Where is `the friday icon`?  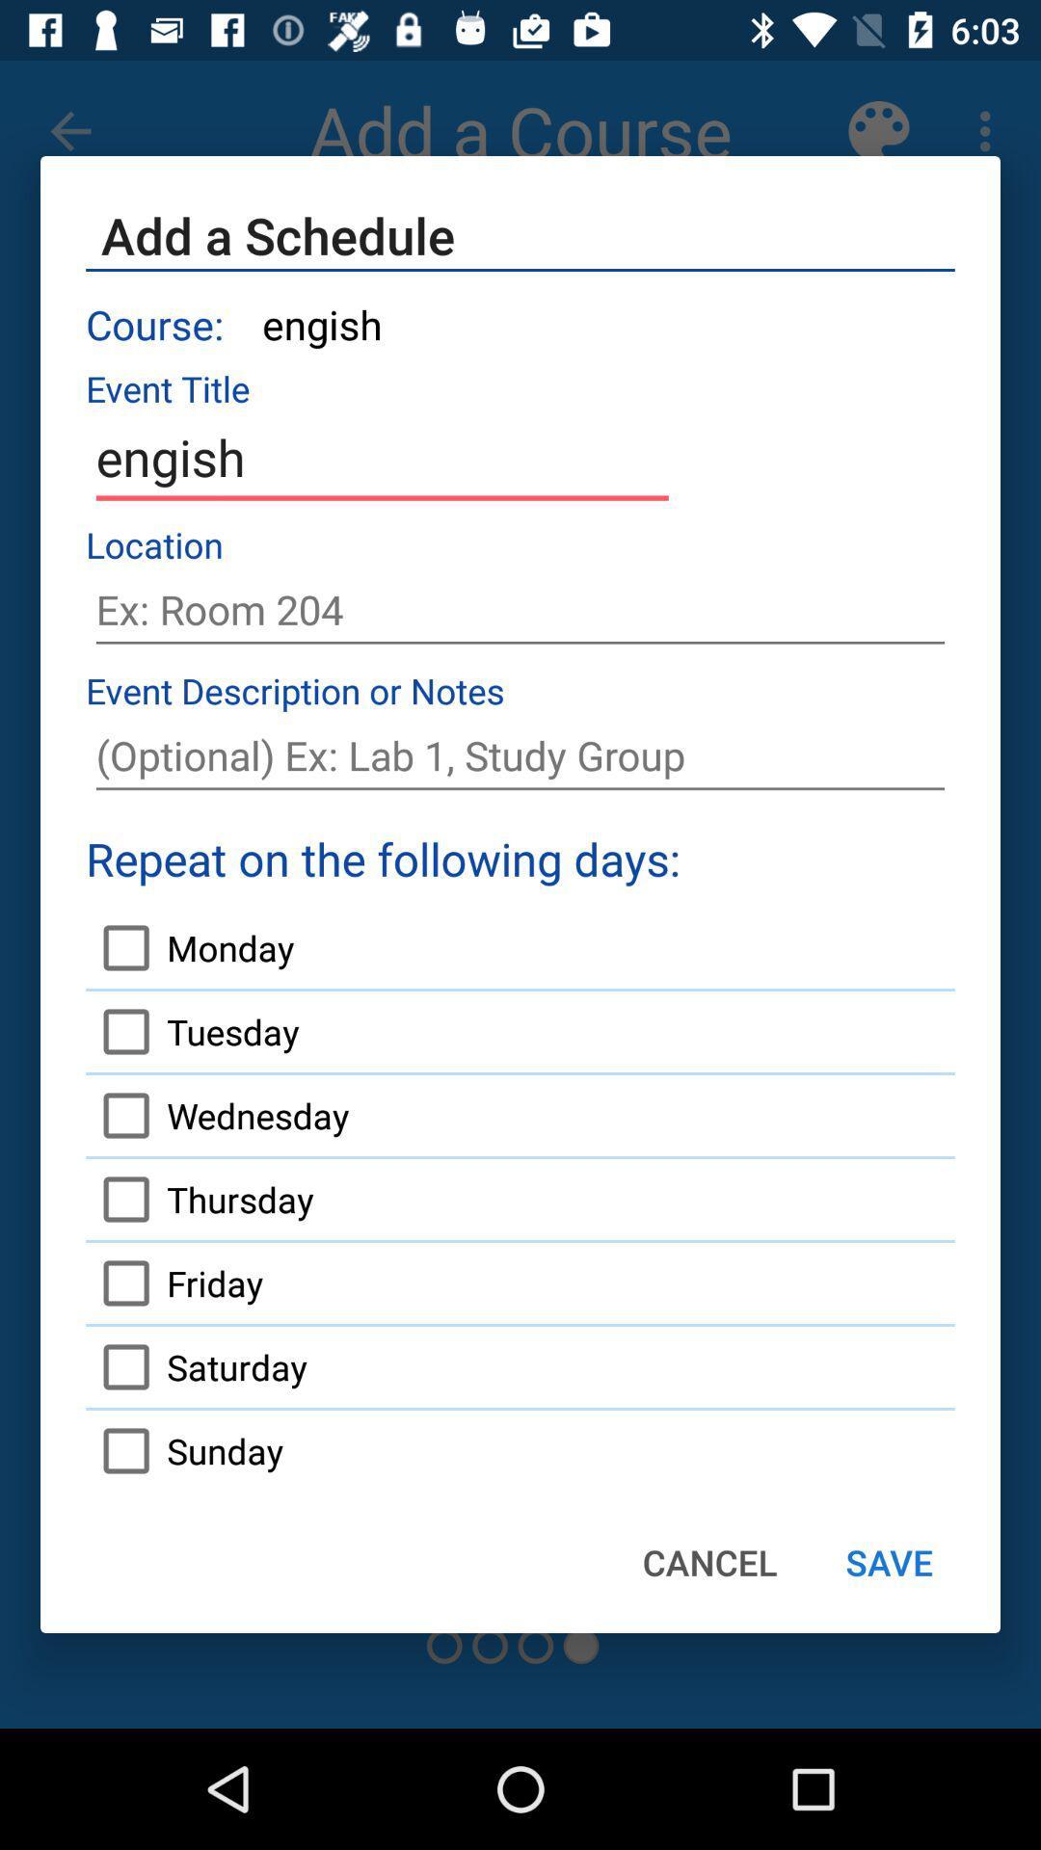 the friday icon is located at coordinates (174, 1282).